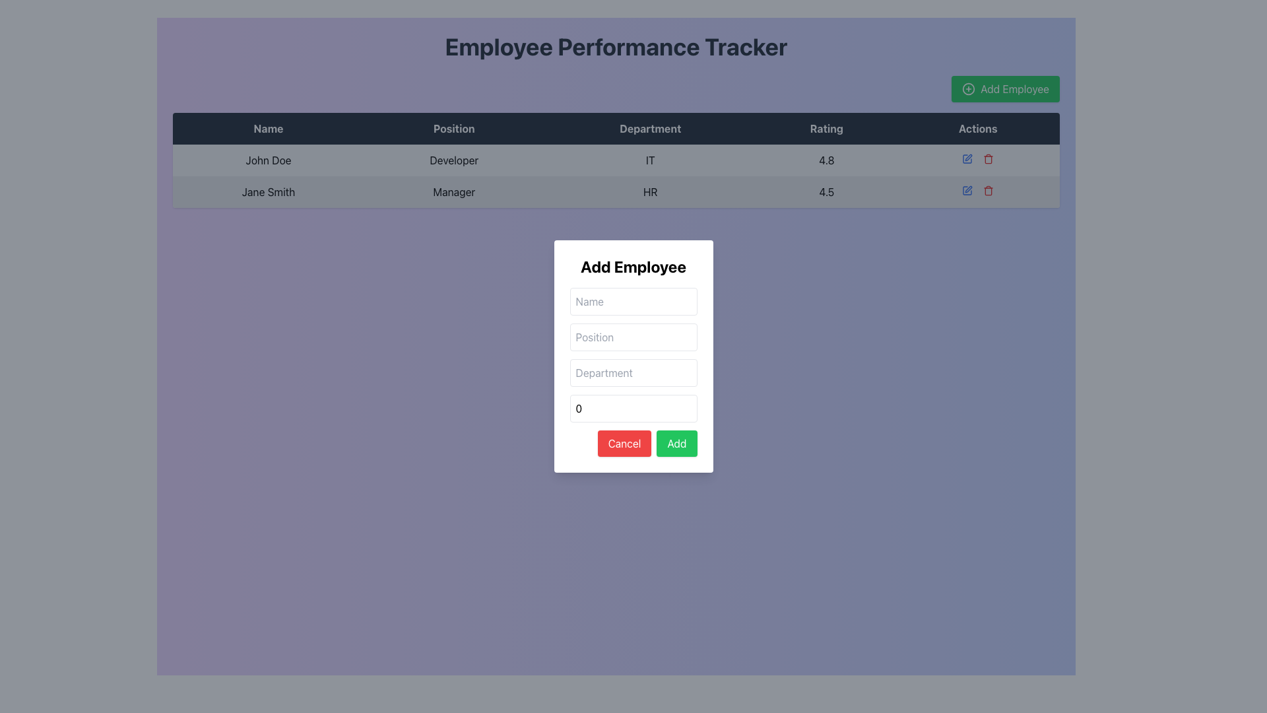 This screenshot has width=1267, height=713. I want to click on the circular icon located in the upper-right corner of the 'Add Employee' button, which has a green background and a border line, so click(969, 89).